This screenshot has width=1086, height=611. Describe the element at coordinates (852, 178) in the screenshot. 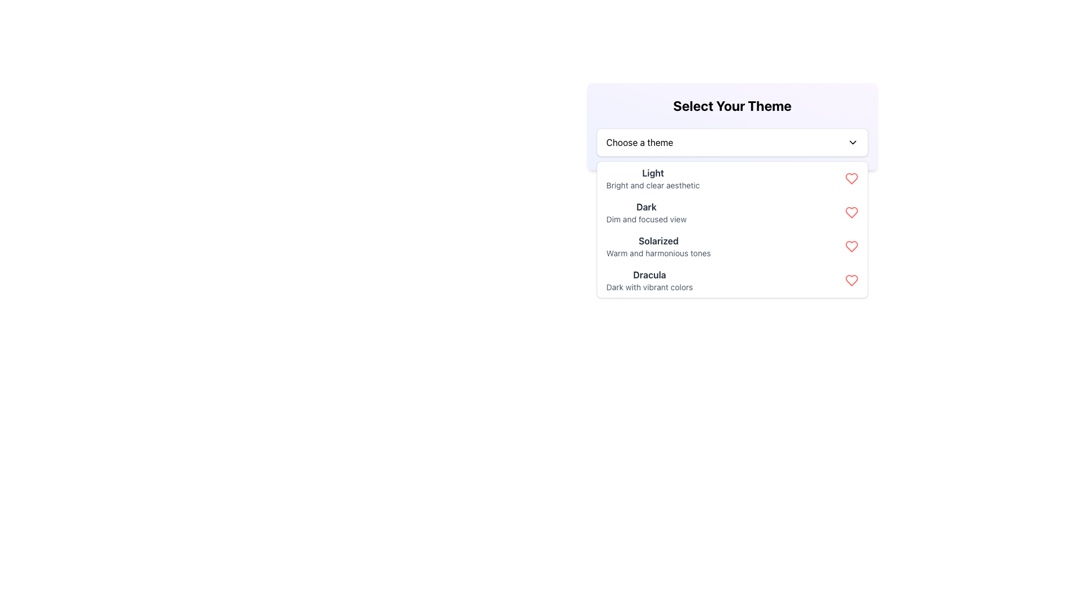

I see `the heart icon located on the far-right side of the list item labeled 'Light' in the theme selection dropdown to interact with it` at that location.